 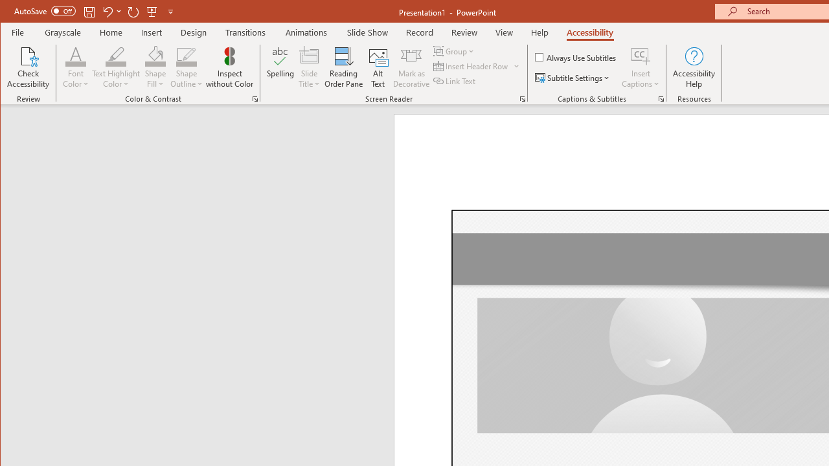 I want to click on 'Insert Header Row', so click(x=471, y=66).